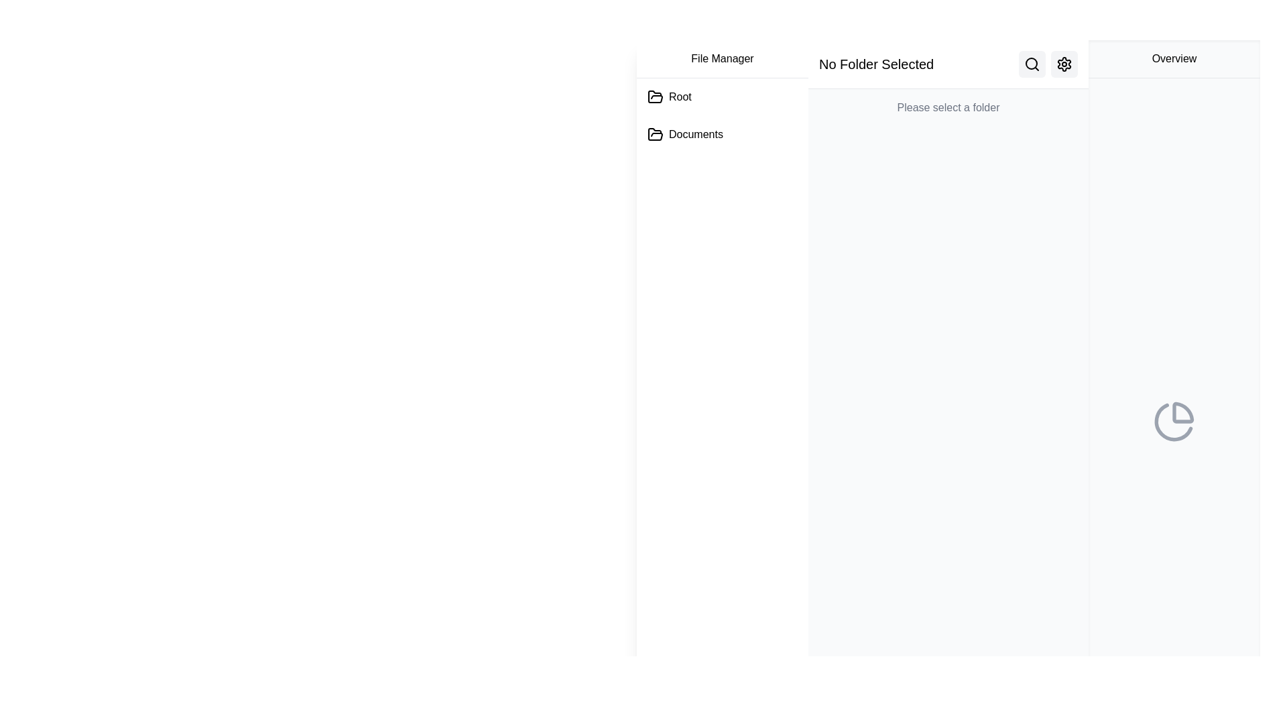 This screenshot has width=1287, height=724. I want to click on the static instructional text guiding the user to select a folder, located under the 'No Folder Selected' label, so click(948, 107).